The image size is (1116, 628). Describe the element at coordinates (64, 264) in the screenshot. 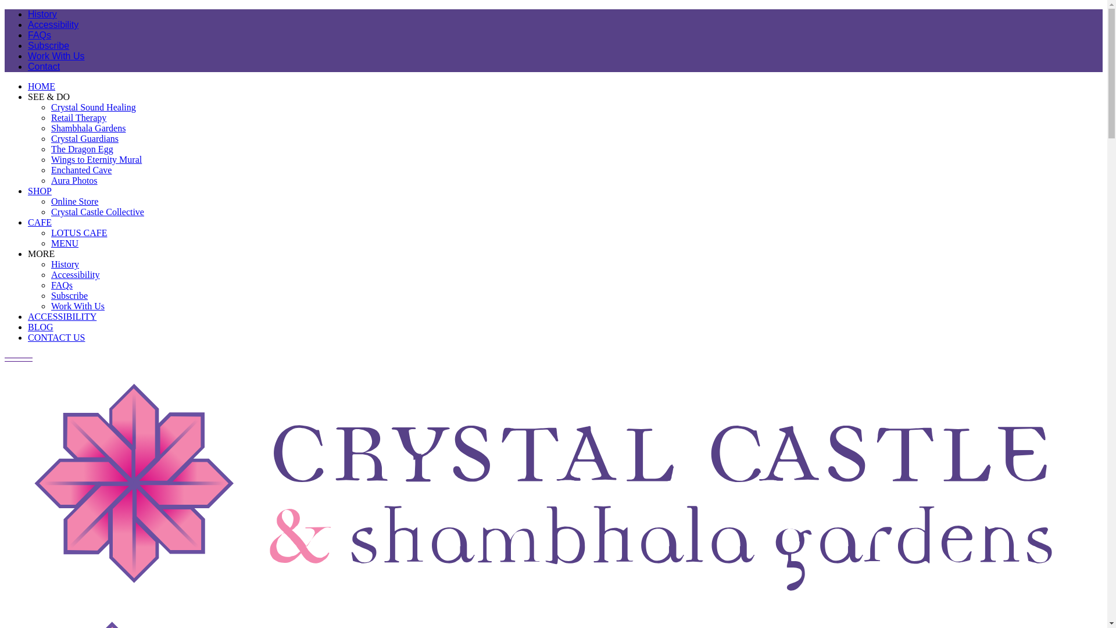

I see `'History'` at that location.